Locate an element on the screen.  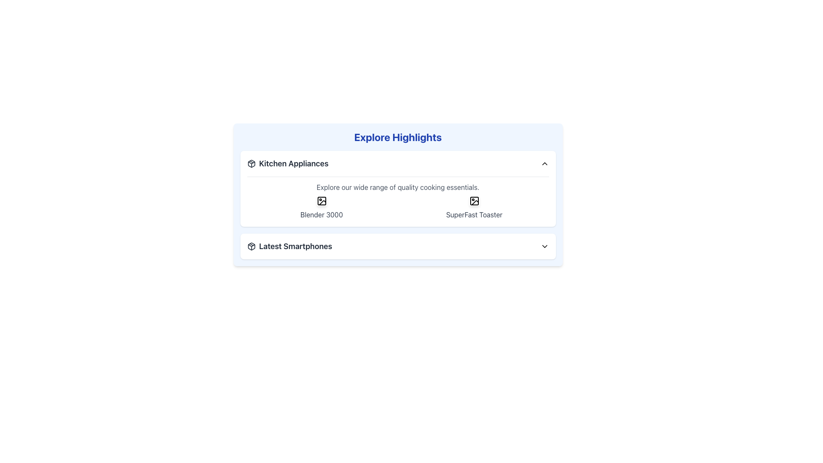
text label that displays 'Explore our wide range of quality cooking essentials.' positioned in the content card under the title 'Kitchen Appliances.' is located at coordinates (397, 186).